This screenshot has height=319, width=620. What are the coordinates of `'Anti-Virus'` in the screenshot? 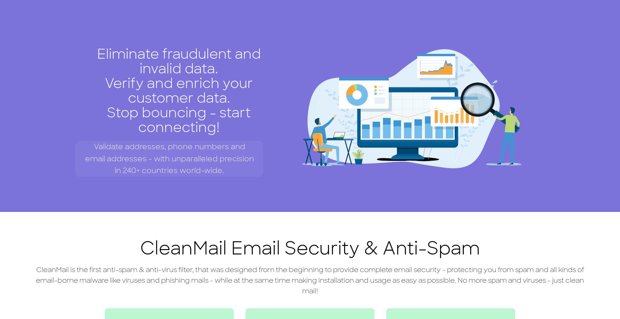 It's located at (193, 5).